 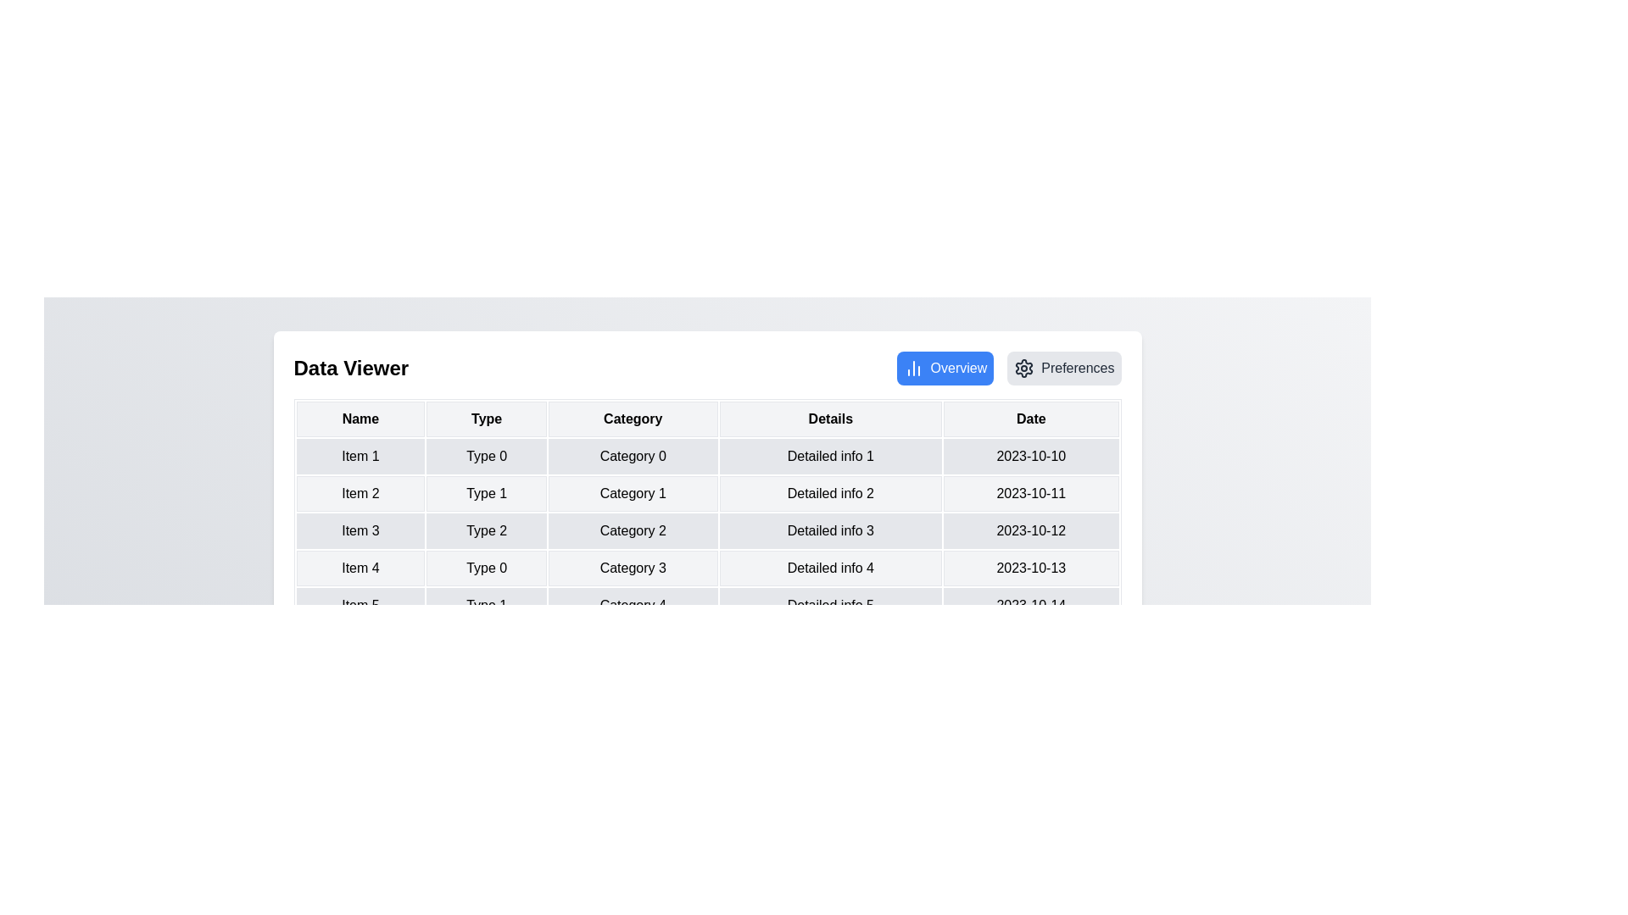 I want to click on the column header Details to explore sorting options, so click(x=830, y=419).